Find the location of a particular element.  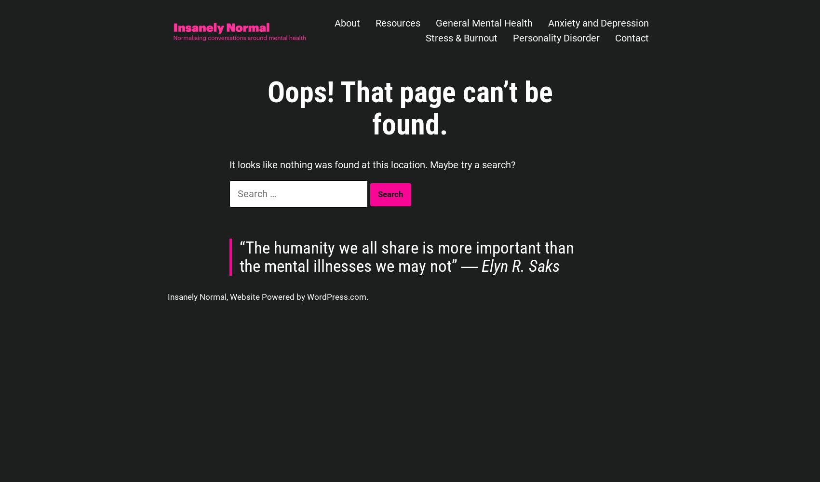

'Contact' is located at coordinates (631, 38).